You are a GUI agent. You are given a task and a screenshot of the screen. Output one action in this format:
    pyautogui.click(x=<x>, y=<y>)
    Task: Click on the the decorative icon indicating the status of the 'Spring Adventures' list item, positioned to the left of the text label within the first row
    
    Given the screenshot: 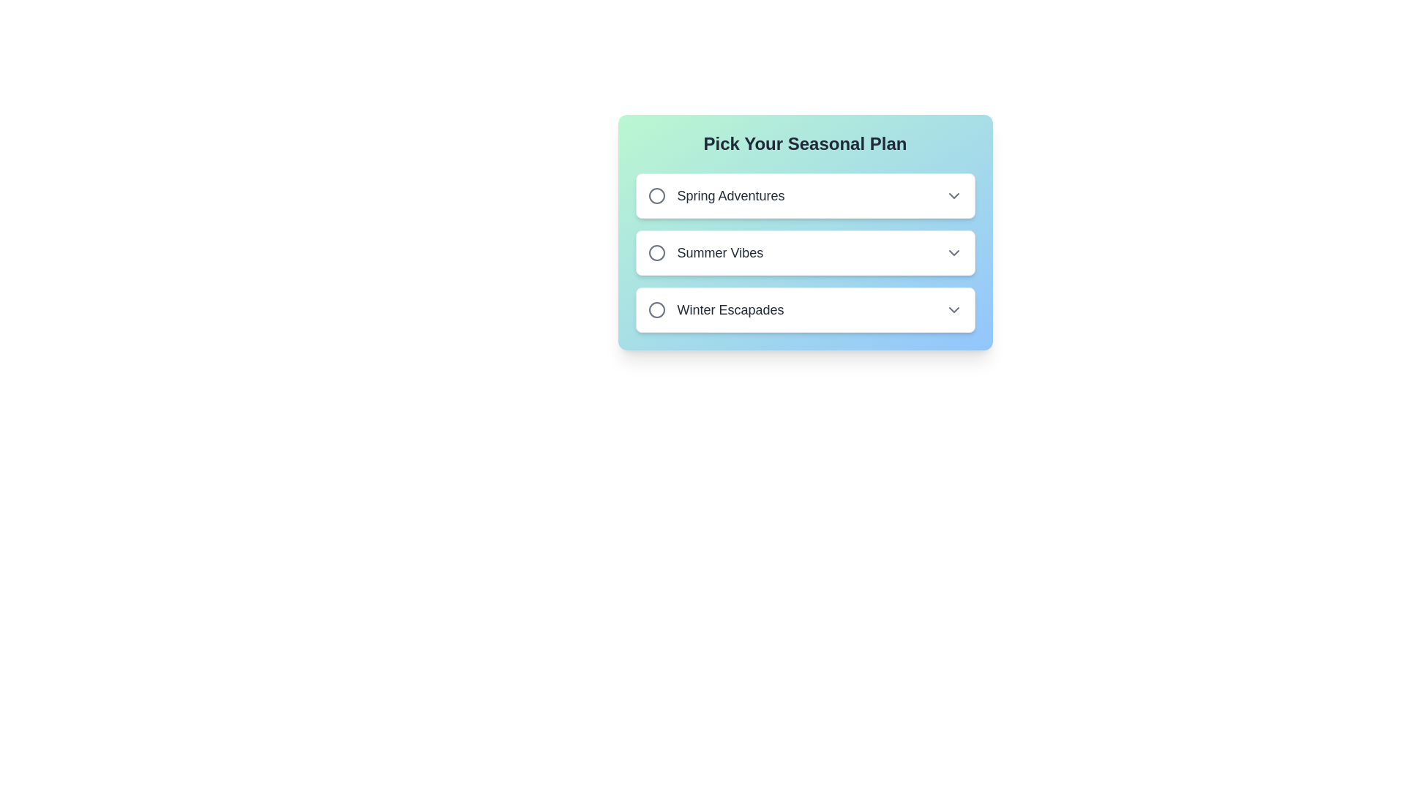 What is the action you would take?
    pyautogui.click(x=656, y=195)
    